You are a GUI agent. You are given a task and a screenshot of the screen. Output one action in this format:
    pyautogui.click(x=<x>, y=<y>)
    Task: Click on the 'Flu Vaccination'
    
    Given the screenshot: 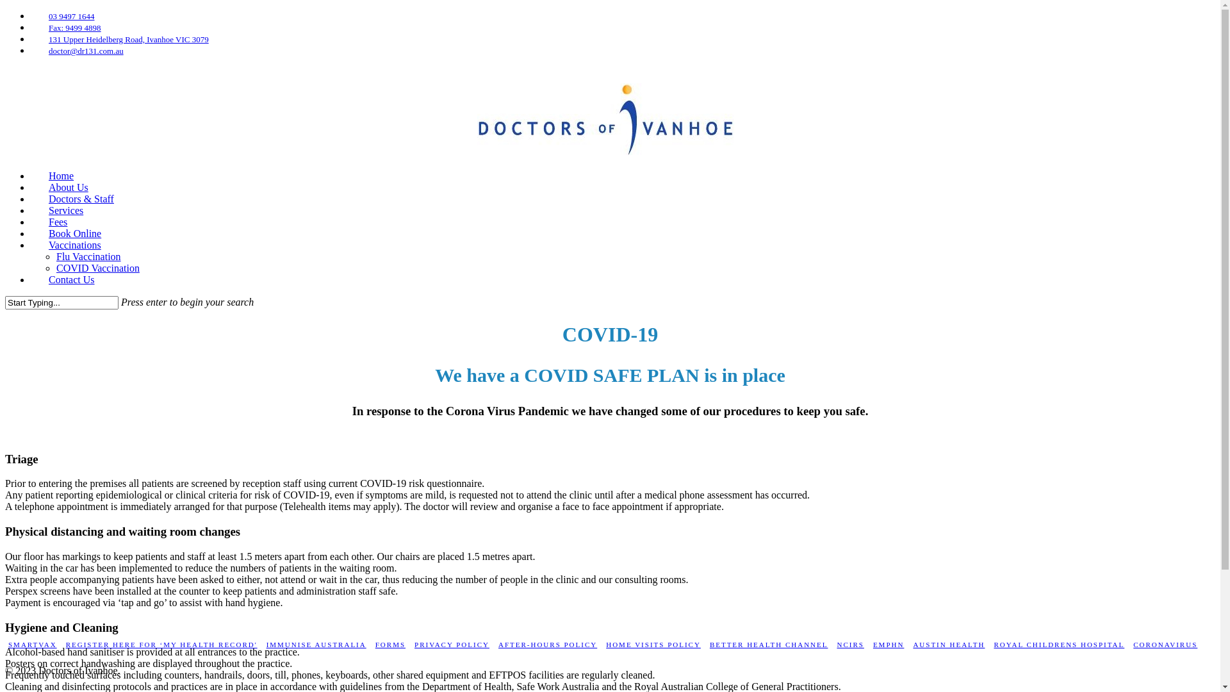 What is the action you would take?
    pyautogui.click(x=88, y=256)
    